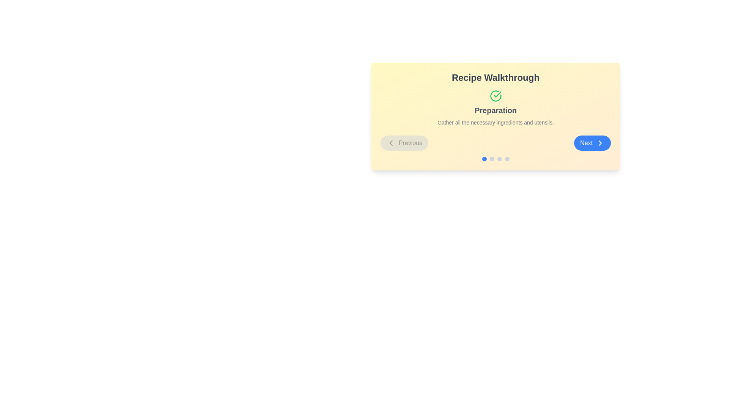 This screenshot has height=410, width=729. Describe the element at coordinates (600, 143) in the screenshot. I see `the rightward-pointing arrow icon styled in a thin-outline design, which is located inside the blue button labeled 'Next' towards the bottom right of the card-like section` at that location.